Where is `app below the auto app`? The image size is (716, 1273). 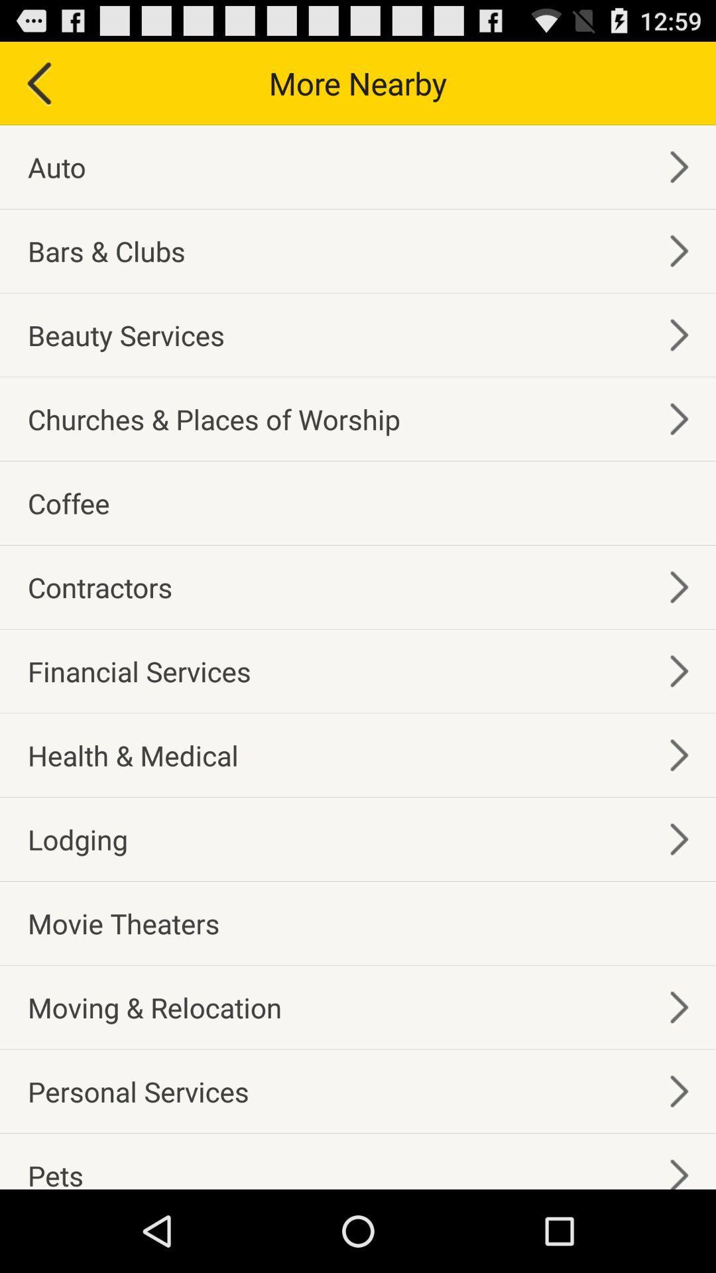
app below the auto app is located at coordinates (105, 251).